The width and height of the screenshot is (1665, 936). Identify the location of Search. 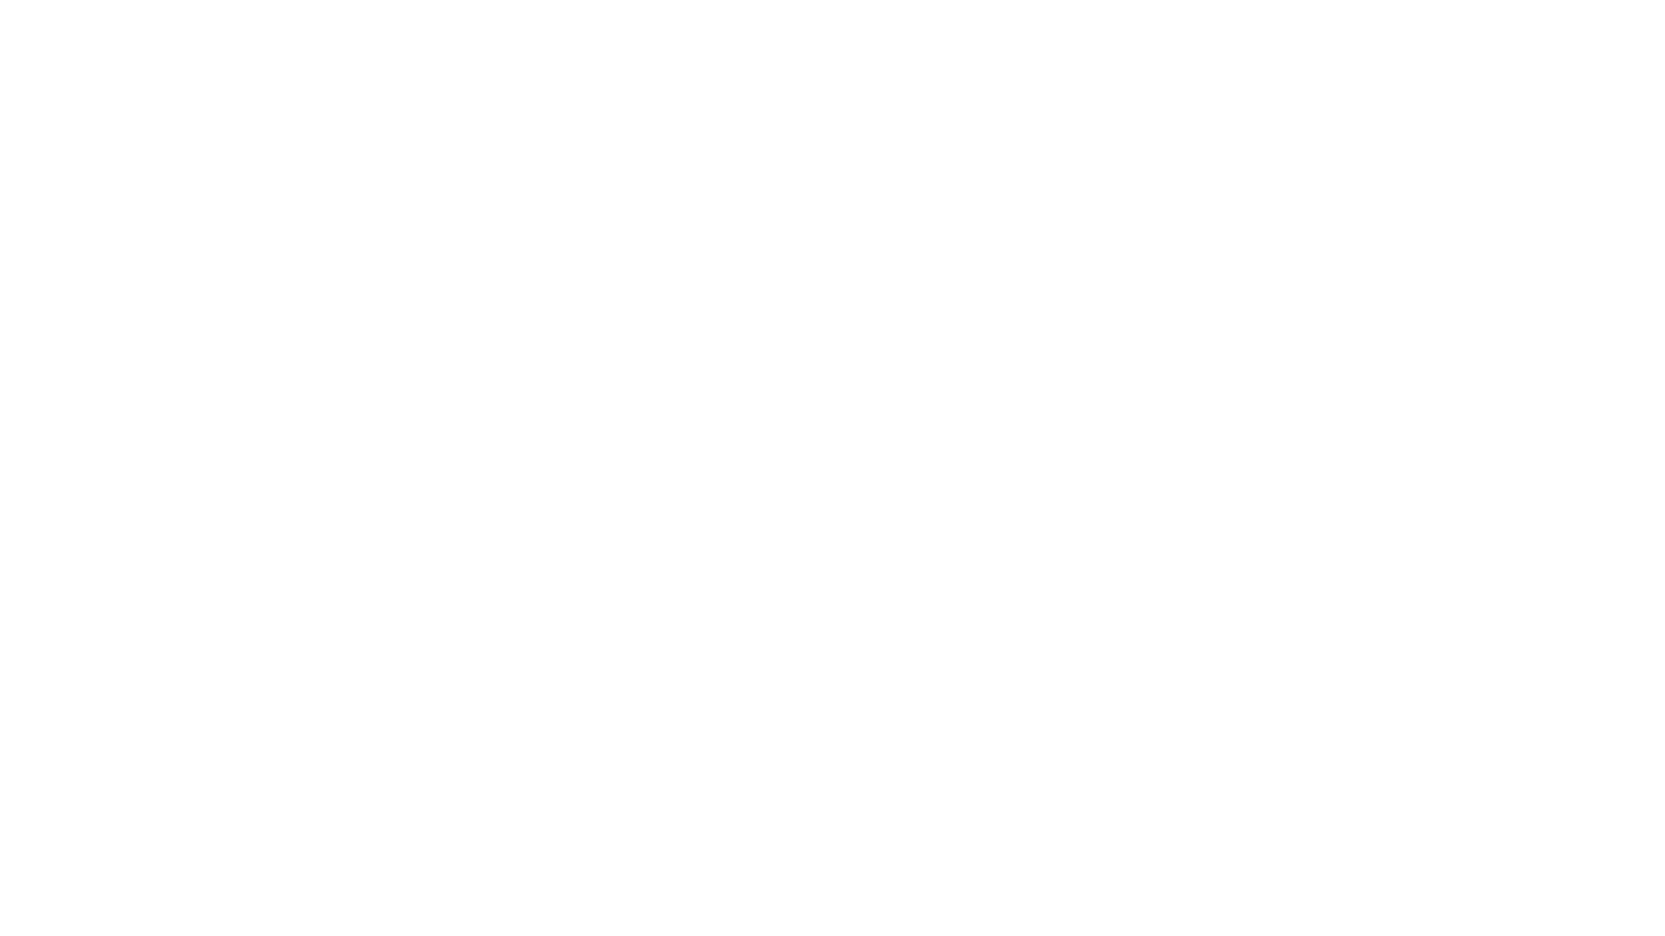
(1336, 23).